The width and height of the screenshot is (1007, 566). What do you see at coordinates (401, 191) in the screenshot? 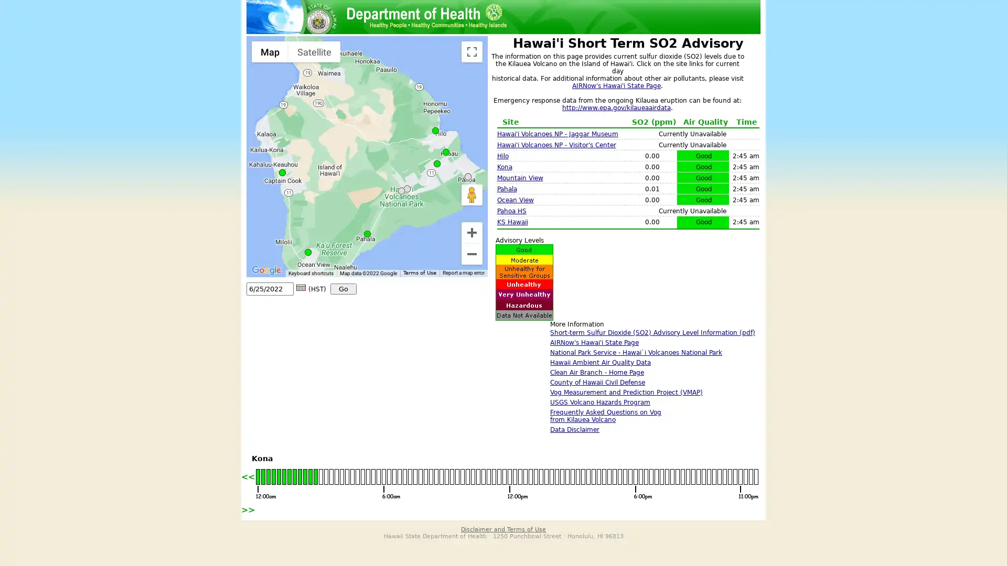
I see `Hawaii Volcanoes NP - Observatory: No Data` at bounding box center [401, 191].